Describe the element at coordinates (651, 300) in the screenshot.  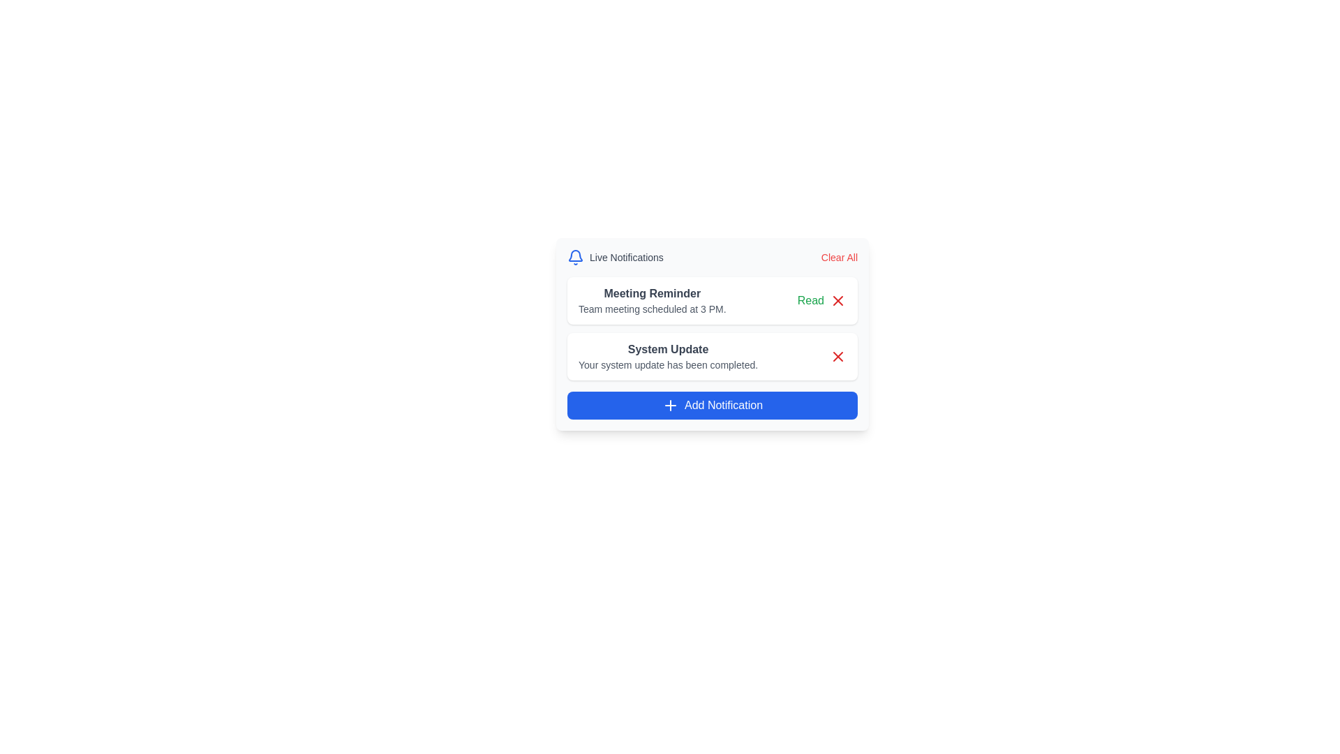
I see `the 'Meeting Reminder' text block element, which is the first notification under 'Live Notifications' and styled as a notification alert` at that location.